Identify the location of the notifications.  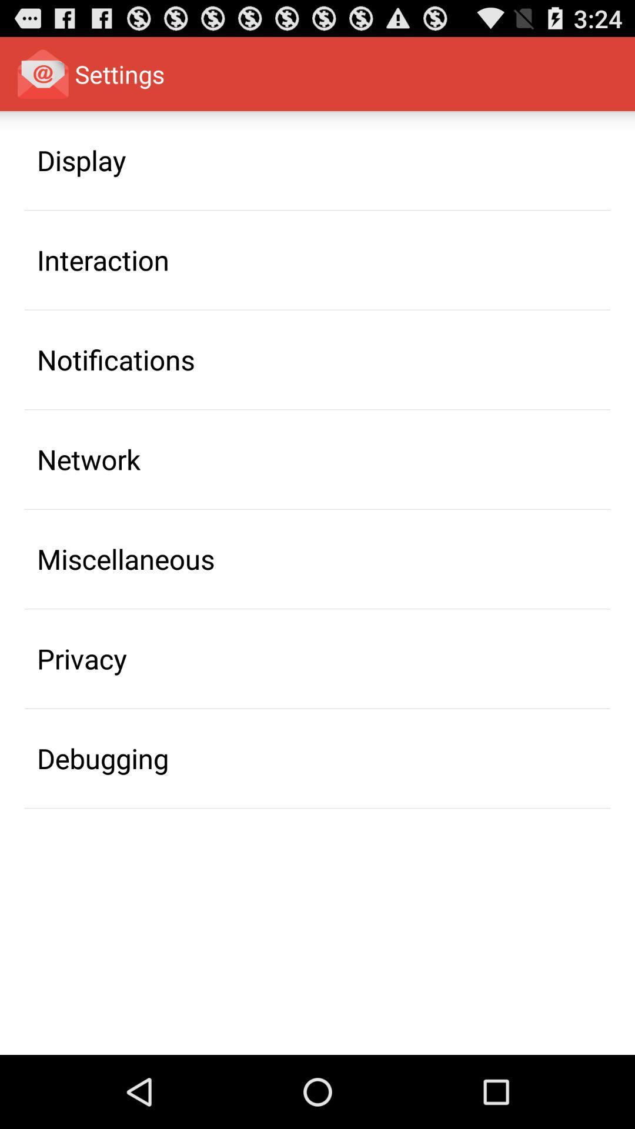
(116, 359).